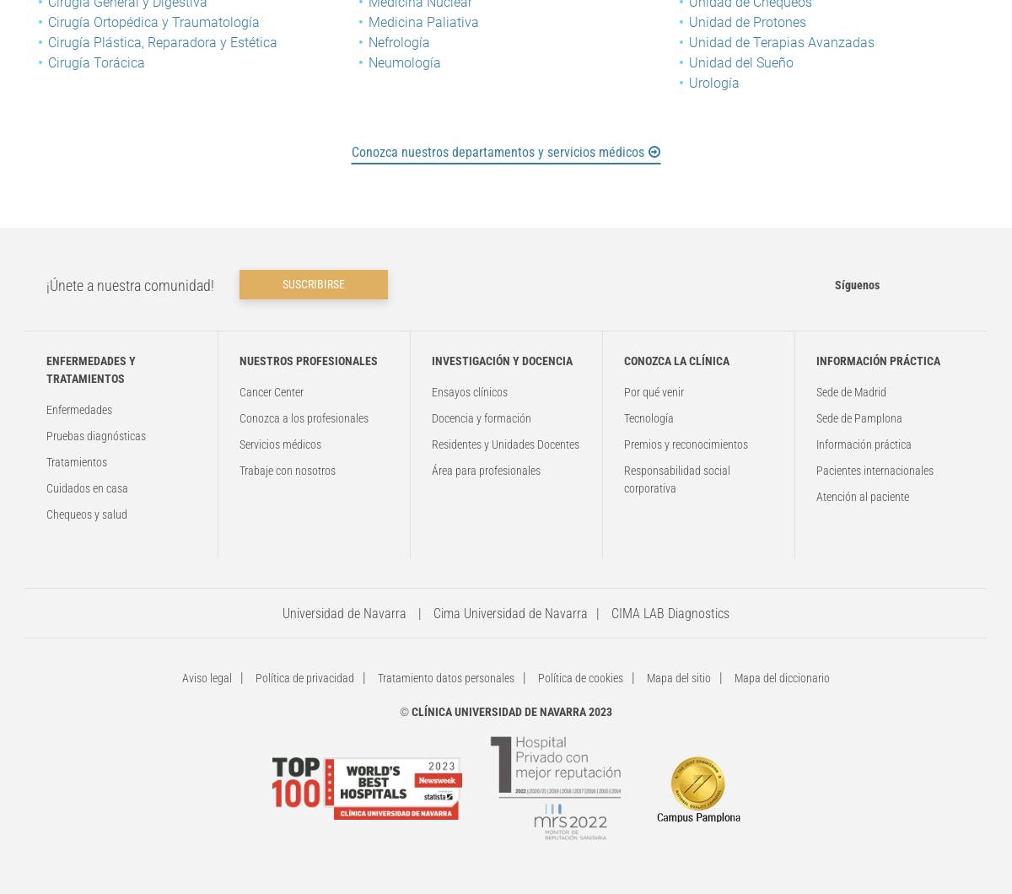 This screenshot has width=1012, height=894. Describe the element at coordinates (239, 391) in the screenshot. I see `'Cancer Center'` at that location.